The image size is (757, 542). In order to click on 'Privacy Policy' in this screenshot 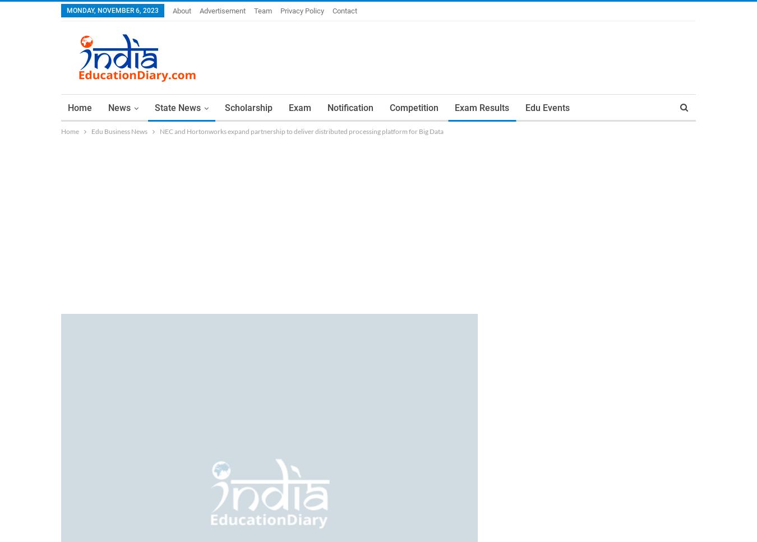, I will do `click(302, 11)`.